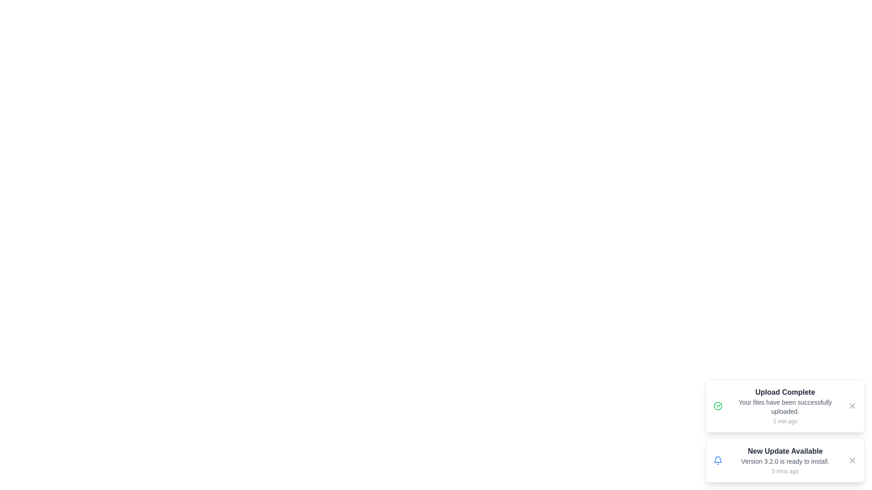 The width and height of the screenshot is (872, 490). Describe the element at coordinates (784, 451) in the screenshot. I see `text label displaying 'New Update Available' in bold, dark gray font within the notification card on the right side of the interface` at that location.